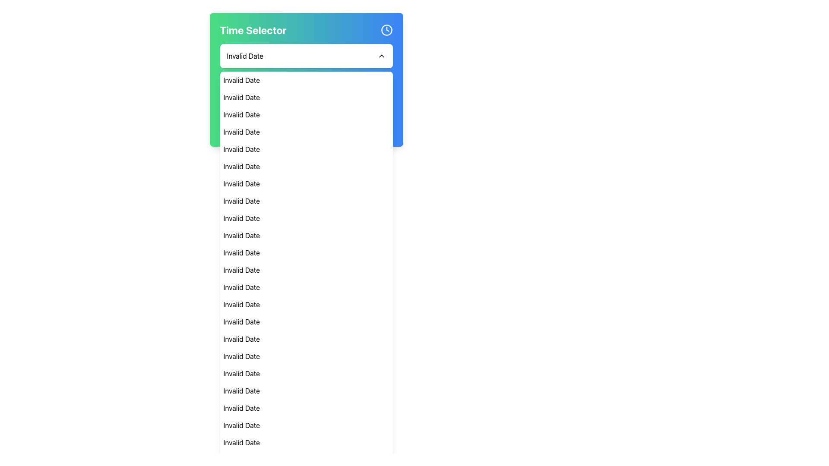 The image size is (829, 466). I want to click on the list item displaying 'Invalid Date' located in the 20th position of a vertically scrolling list below the 'Time Selector' dropdown, so click(306, 391).